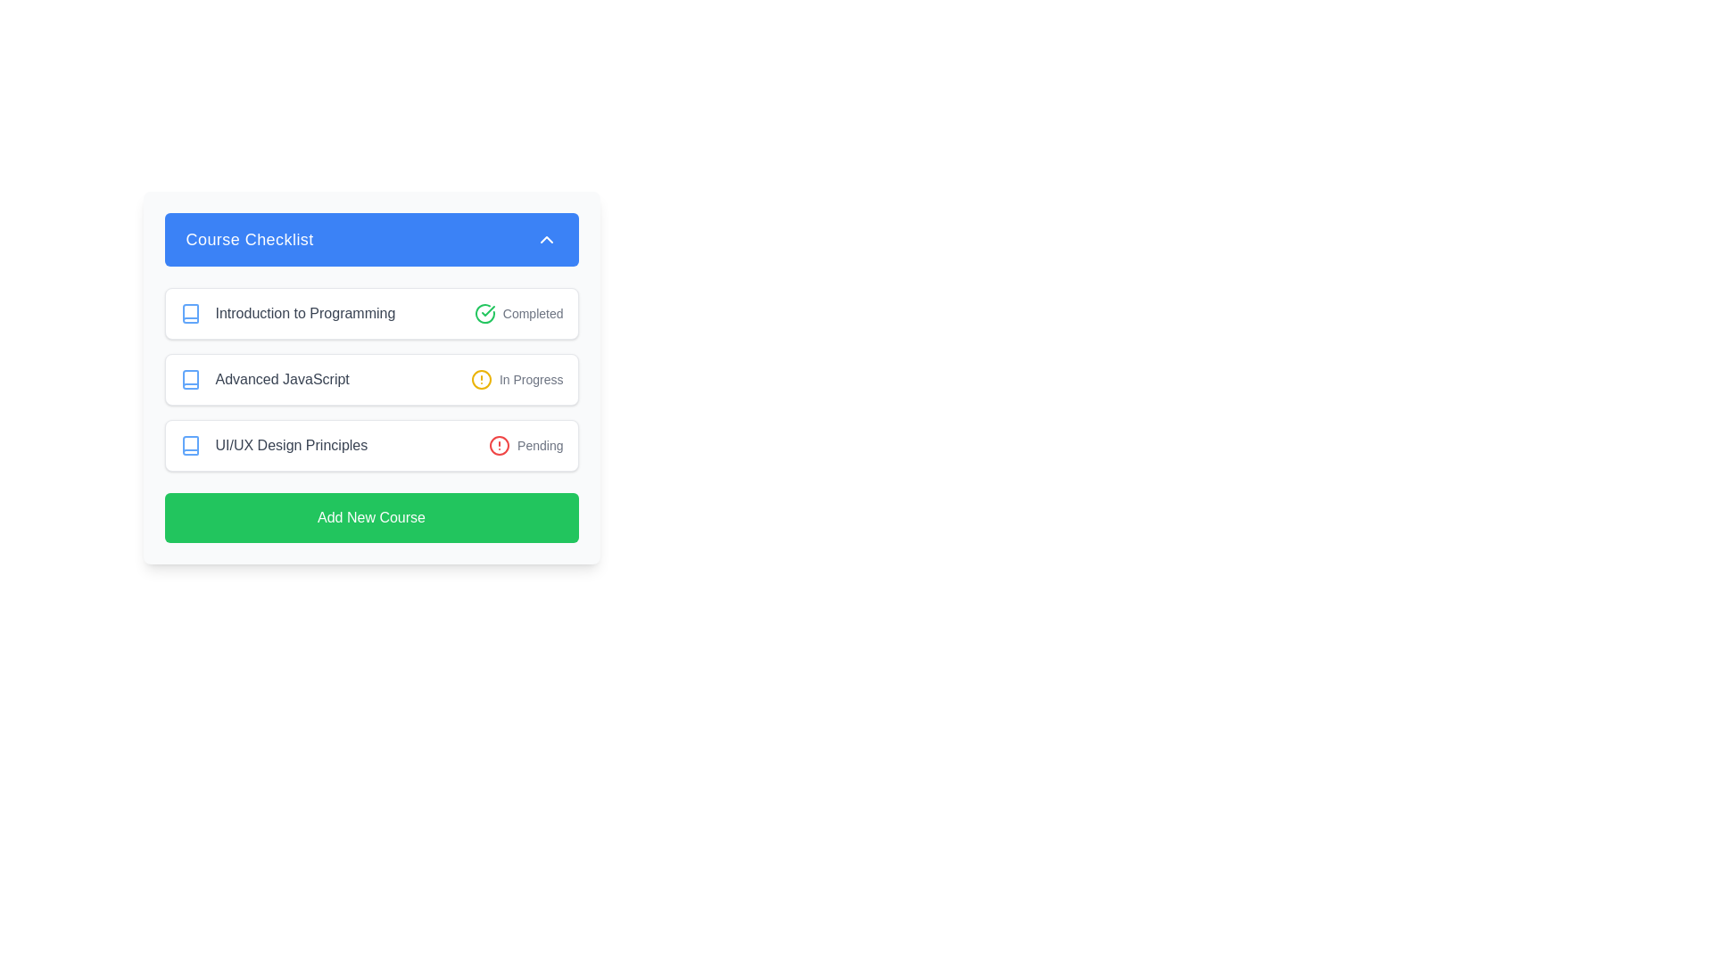  I want to click on the status label indicating 'In Progress' for the 'Advanced JavaScript' course, located to the center-right of the card layout, so click(530, 378).